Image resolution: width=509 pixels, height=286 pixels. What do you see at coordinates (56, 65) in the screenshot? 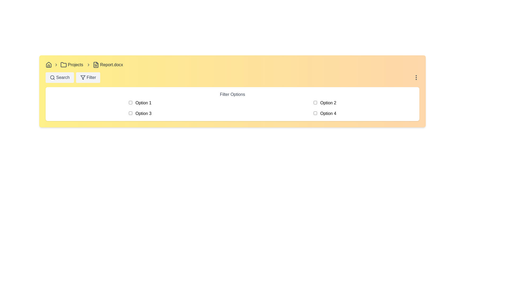
I see `the navigation flow by focusing on the second chevron icon in the breadcrumb navigation, which separates the 'Home' icon from the 'Projects' text label` at bounding box center [56, 65].